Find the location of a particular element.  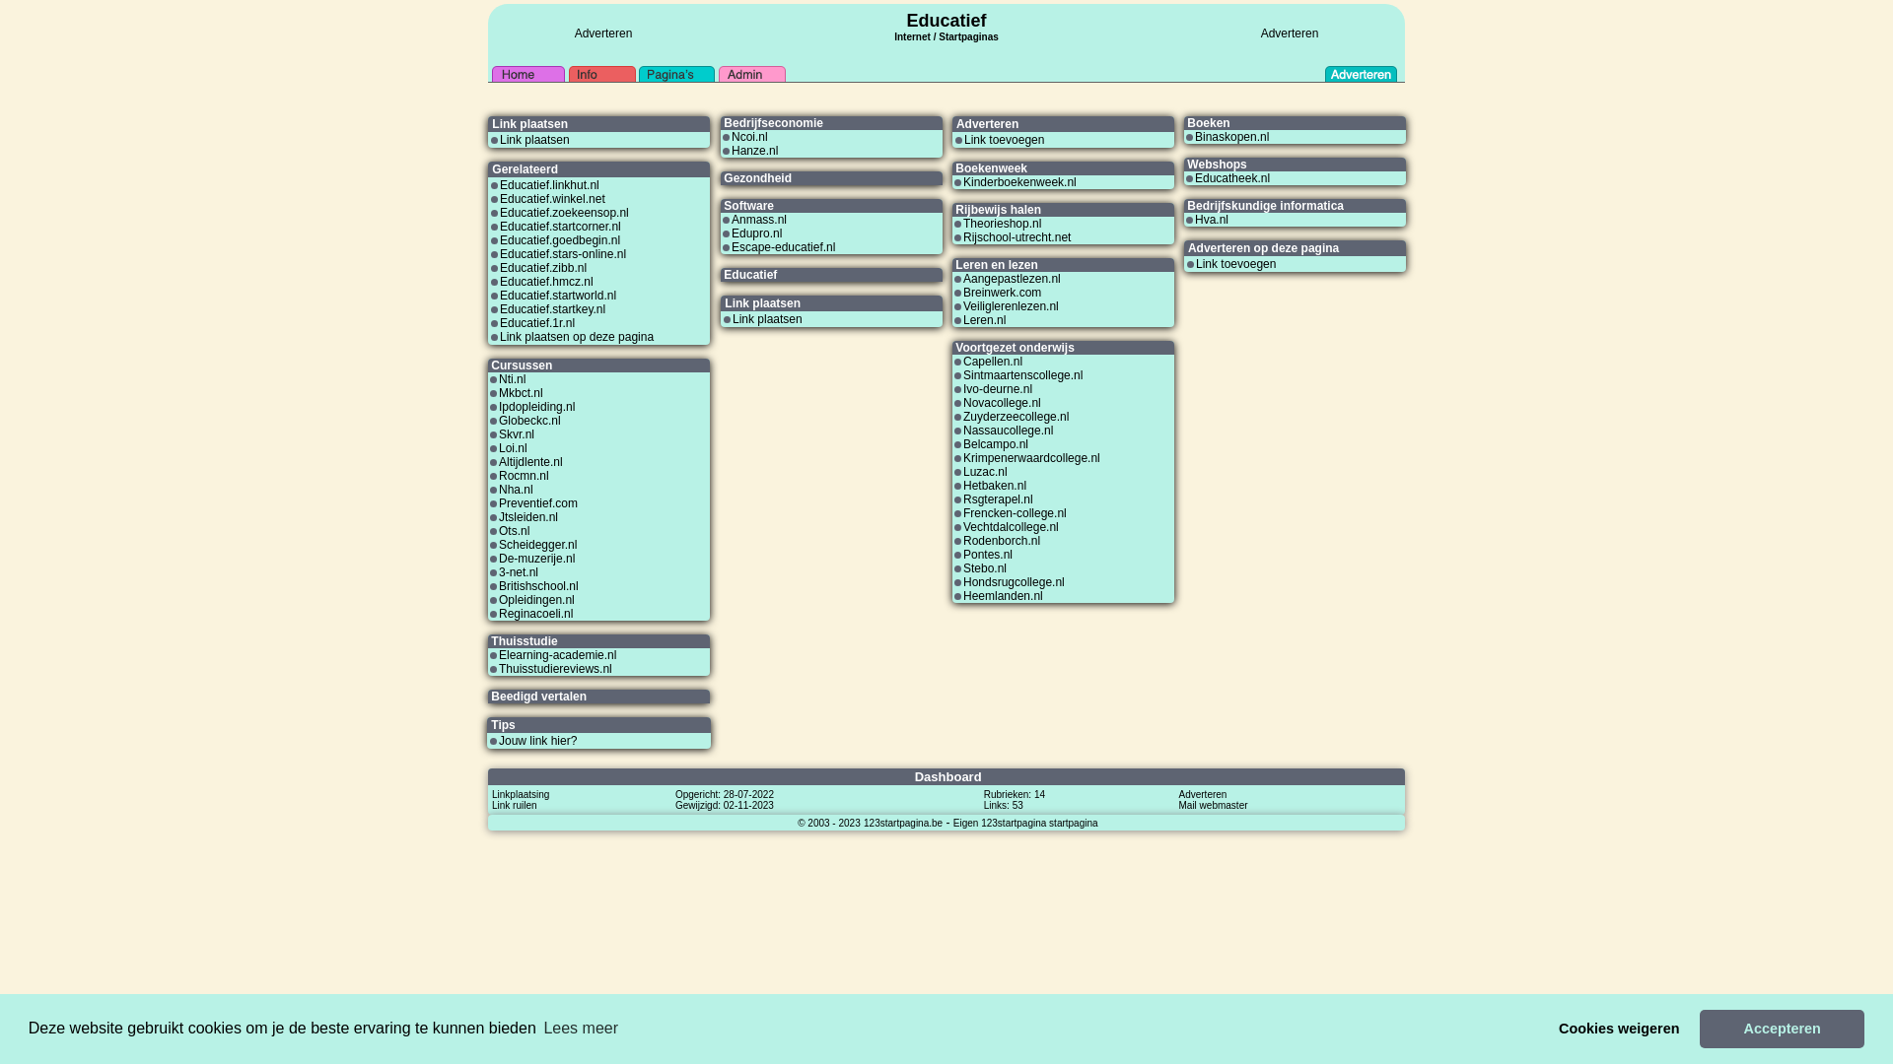

'De-muzerije.nl' is located at coordinates (536, 559).